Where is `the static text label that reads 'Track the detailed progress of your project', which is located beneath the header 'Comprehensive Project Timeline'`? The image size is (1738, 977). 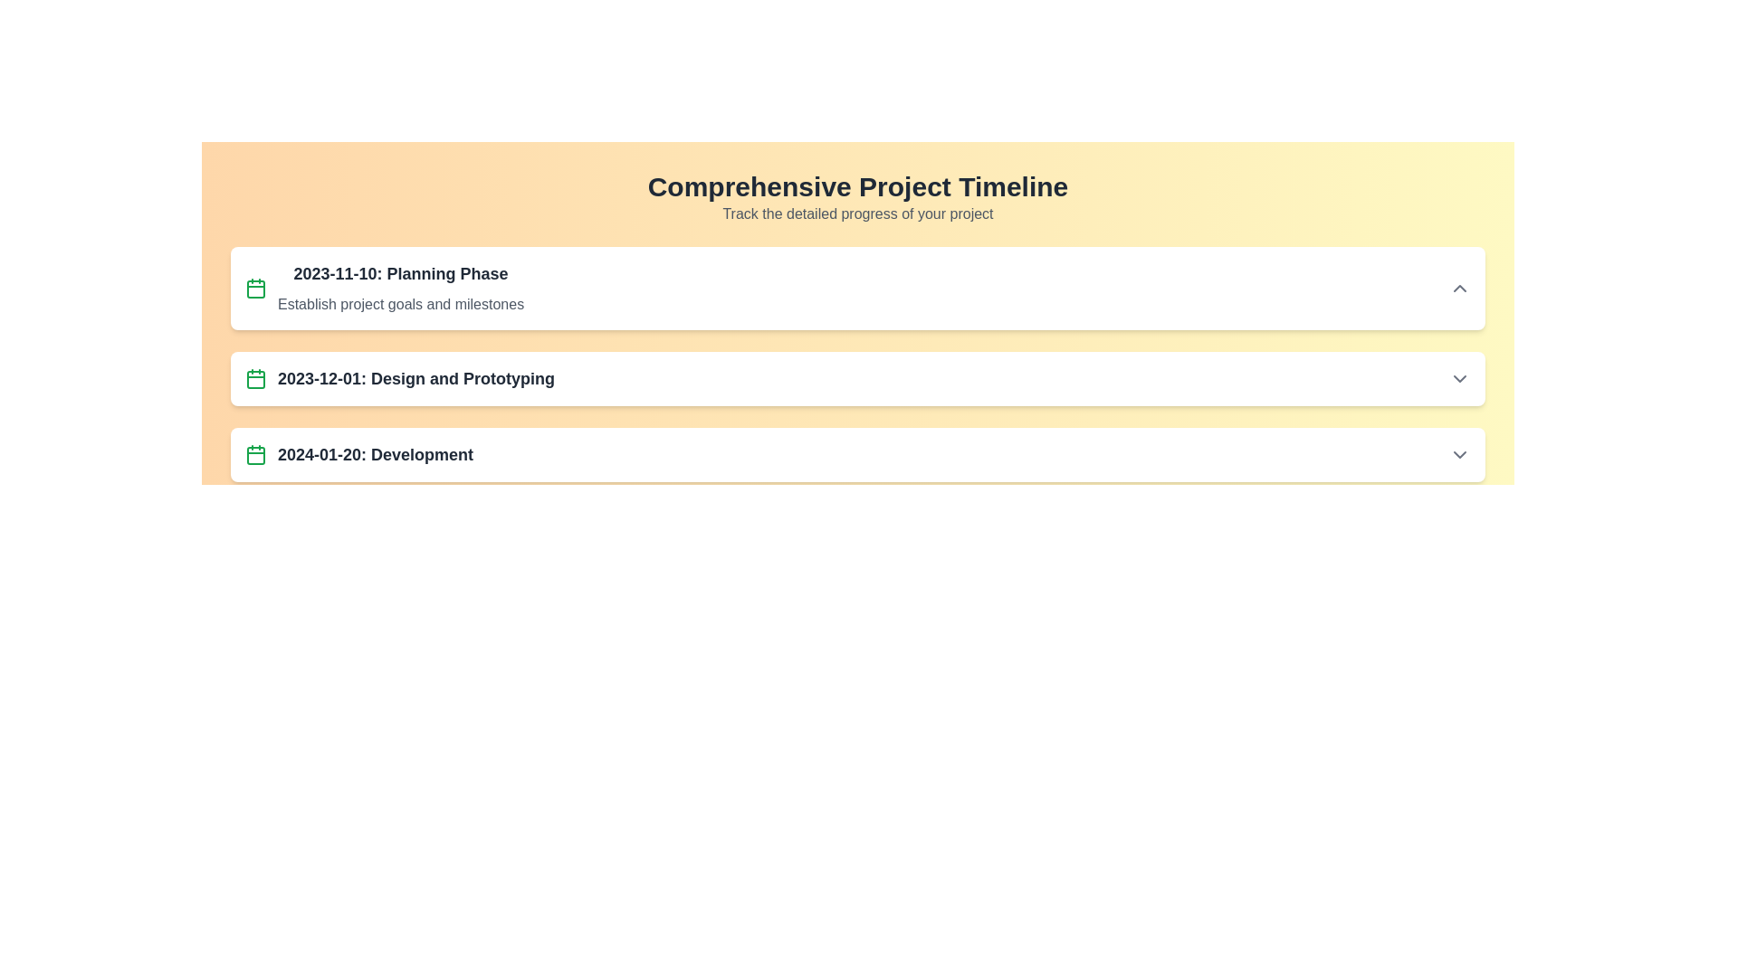
the static text label that reads 'Track the detailed progress of your project', which is located beneath the header 'Comprehensive Project Timeline' is located at coordinates (857, 213).